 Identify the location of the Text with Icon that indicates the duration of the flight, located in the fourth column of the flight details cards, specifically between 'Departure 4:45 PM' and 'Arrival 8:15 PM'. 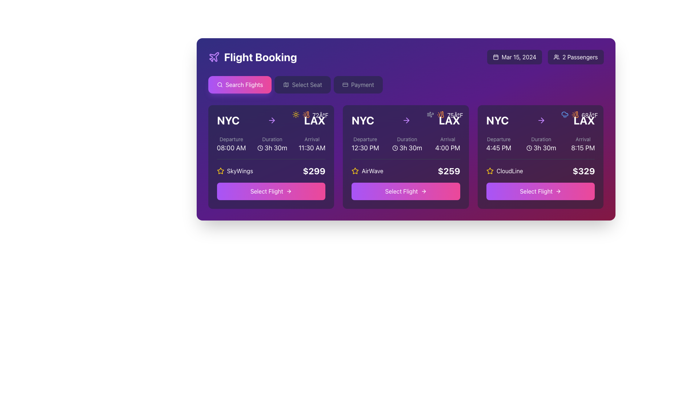
(541, 144).